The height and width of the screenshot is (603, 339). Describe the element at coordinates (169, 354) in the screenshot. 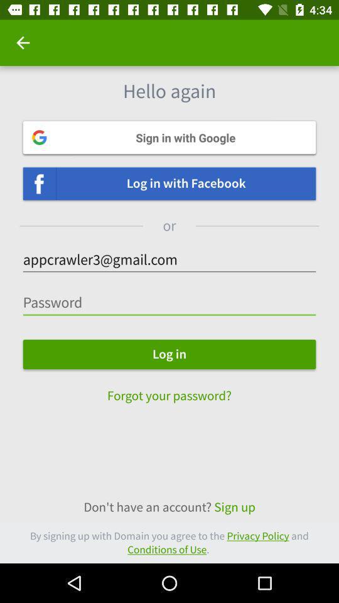

I see `log in` at that location.